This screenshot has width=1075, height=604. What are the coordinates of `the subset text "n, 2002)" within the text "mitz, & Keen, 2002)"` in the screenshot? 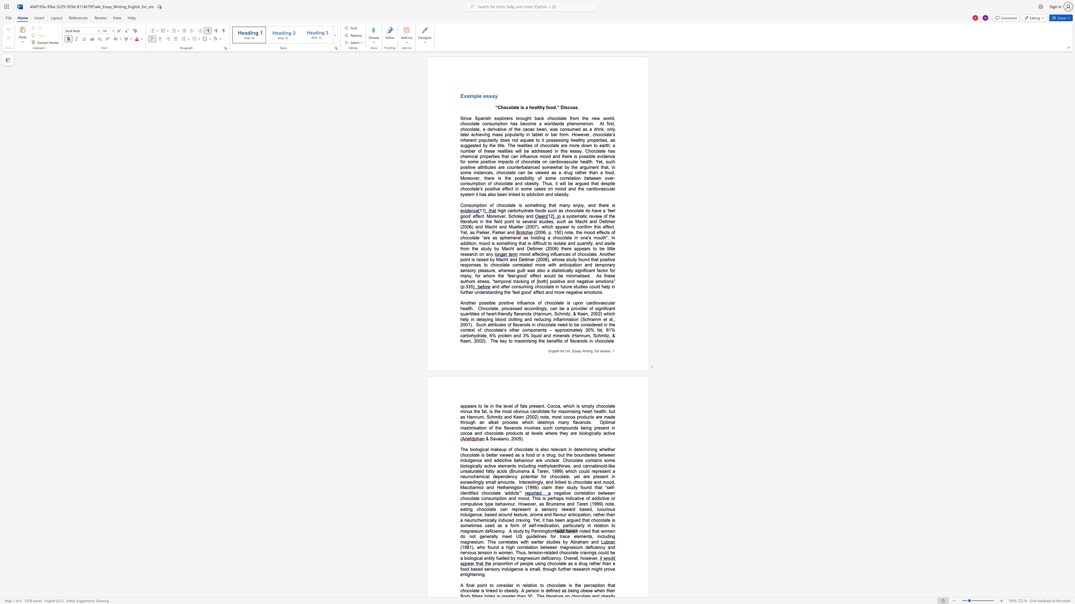 It's located at (468, 341).